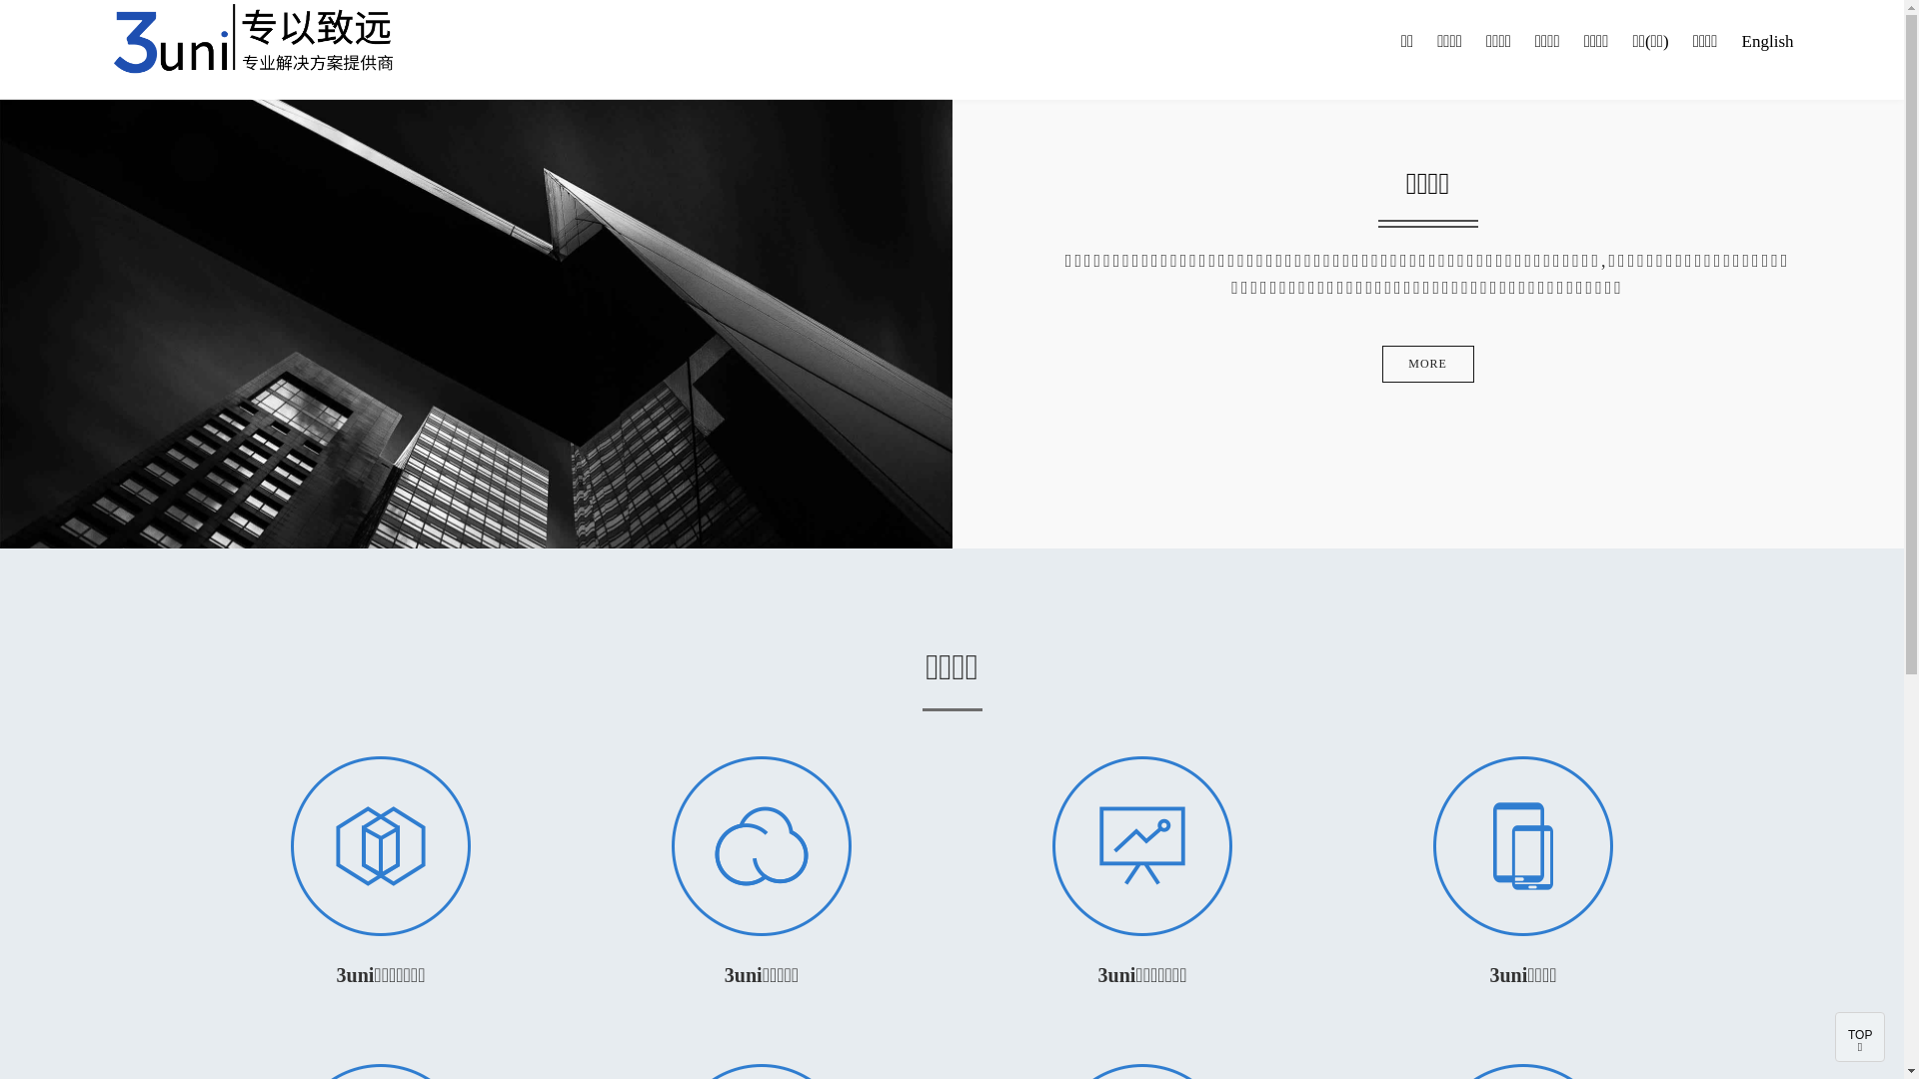 This screenshot has height=1079, width=1919. What do you see at coordinates (1768, 42) in the screenshot?
I see `'English'` at bounding box center [1768, 42].